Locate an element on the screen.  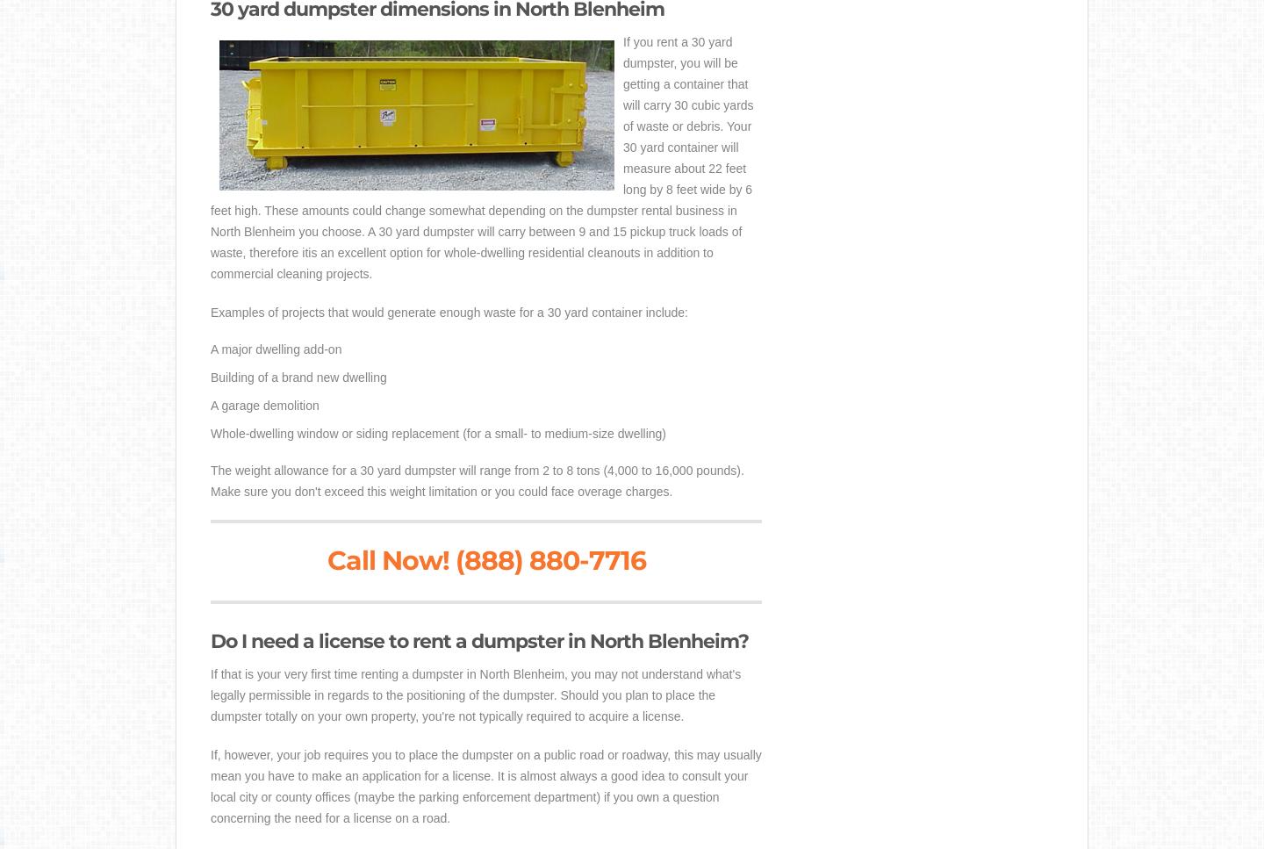
'Whole-dwelling window or siding replacement (for a small- to medium-size dwelling)' is located at coordinates (211, 433).